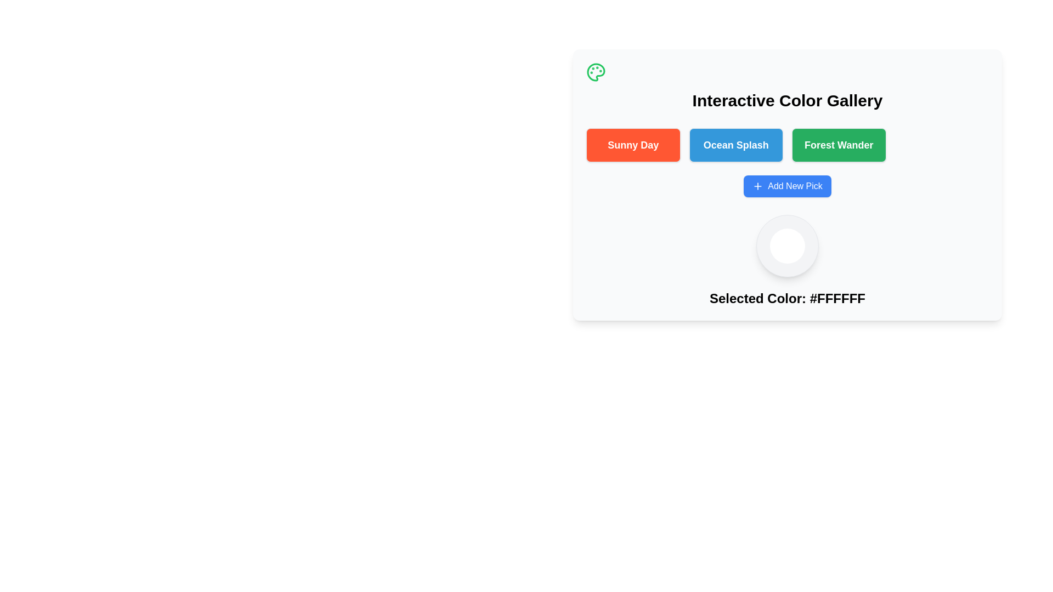 Image resolution: width=1053 pixels, height=592 pixels. Describe the element at coordinates (595, 72) in the screenshot. I see `the decorative icon located at the top-left corner of the 'Interactive Color Gallery' section` at that location.